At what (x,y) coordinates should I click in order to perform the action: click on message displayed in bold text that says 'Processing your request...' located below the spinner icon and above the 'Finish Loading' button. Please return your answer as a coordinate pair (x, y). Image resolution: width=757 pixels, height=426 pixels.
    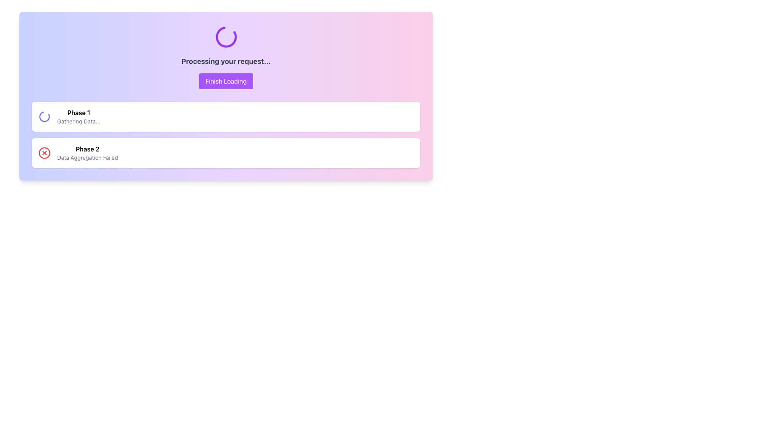
    Looking at the image, I should click on (226, 61).